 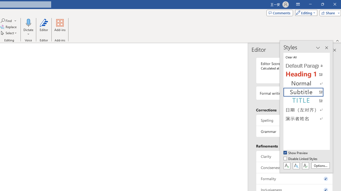 I want to click on 'Formality, 0 issues. Press space or enter to review items.', so click(x=294, y=179).